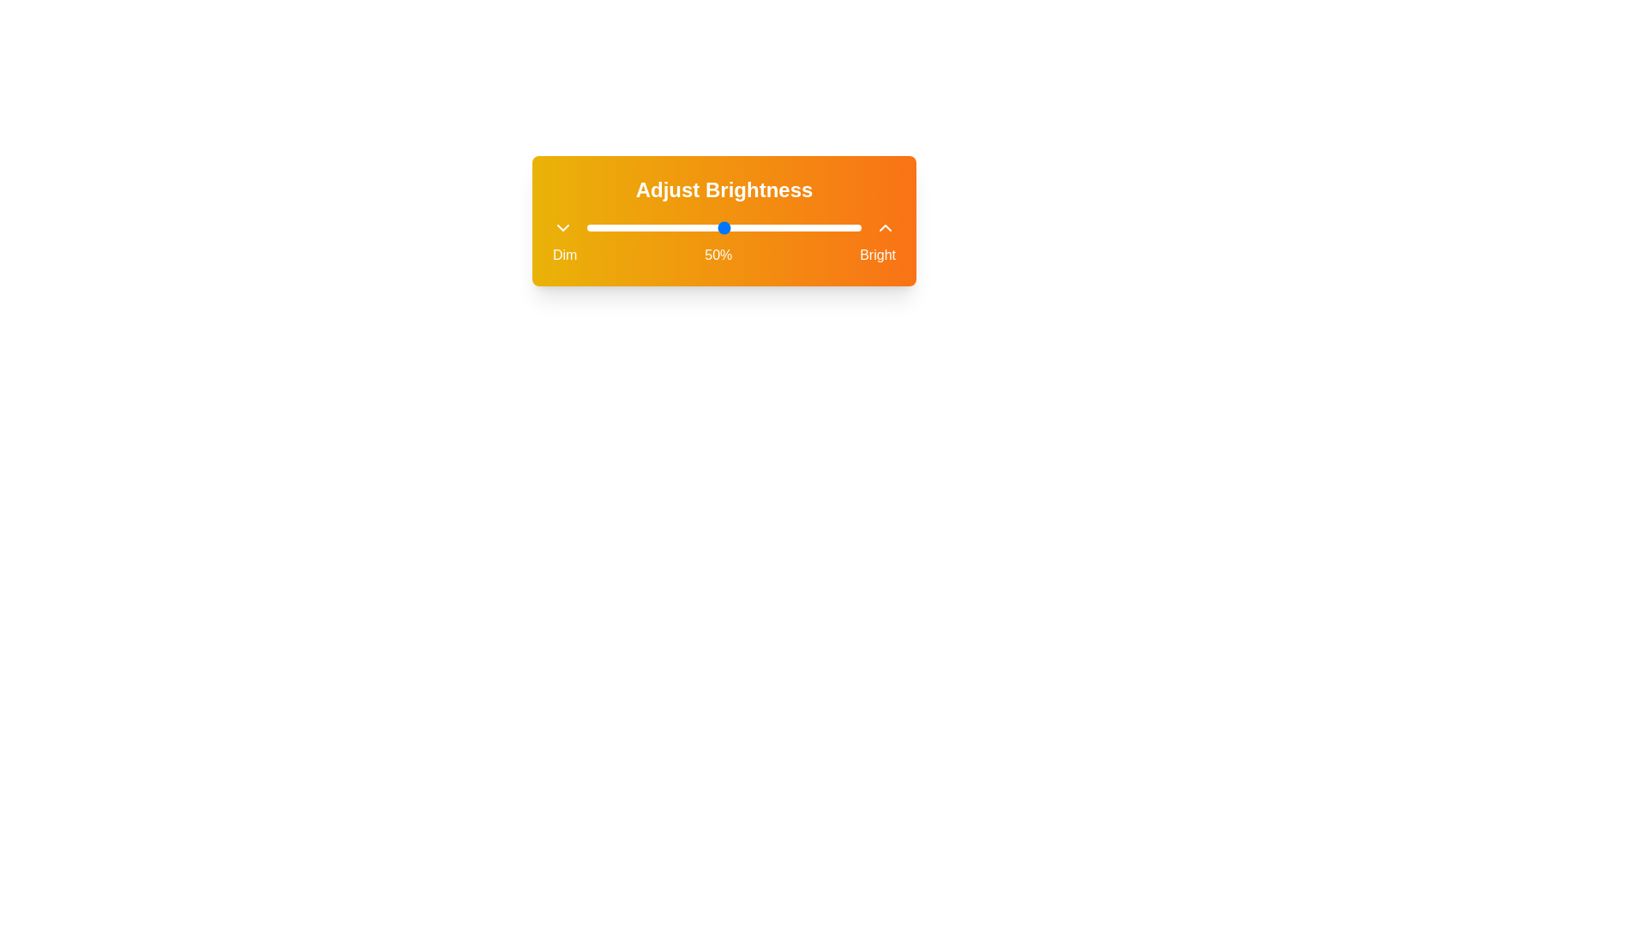 The width and height of the screenshot is (1646, 926). I want to click on the Header Text indicating the purpose of adjusting brightness for visual clarification, so click(724, 190).